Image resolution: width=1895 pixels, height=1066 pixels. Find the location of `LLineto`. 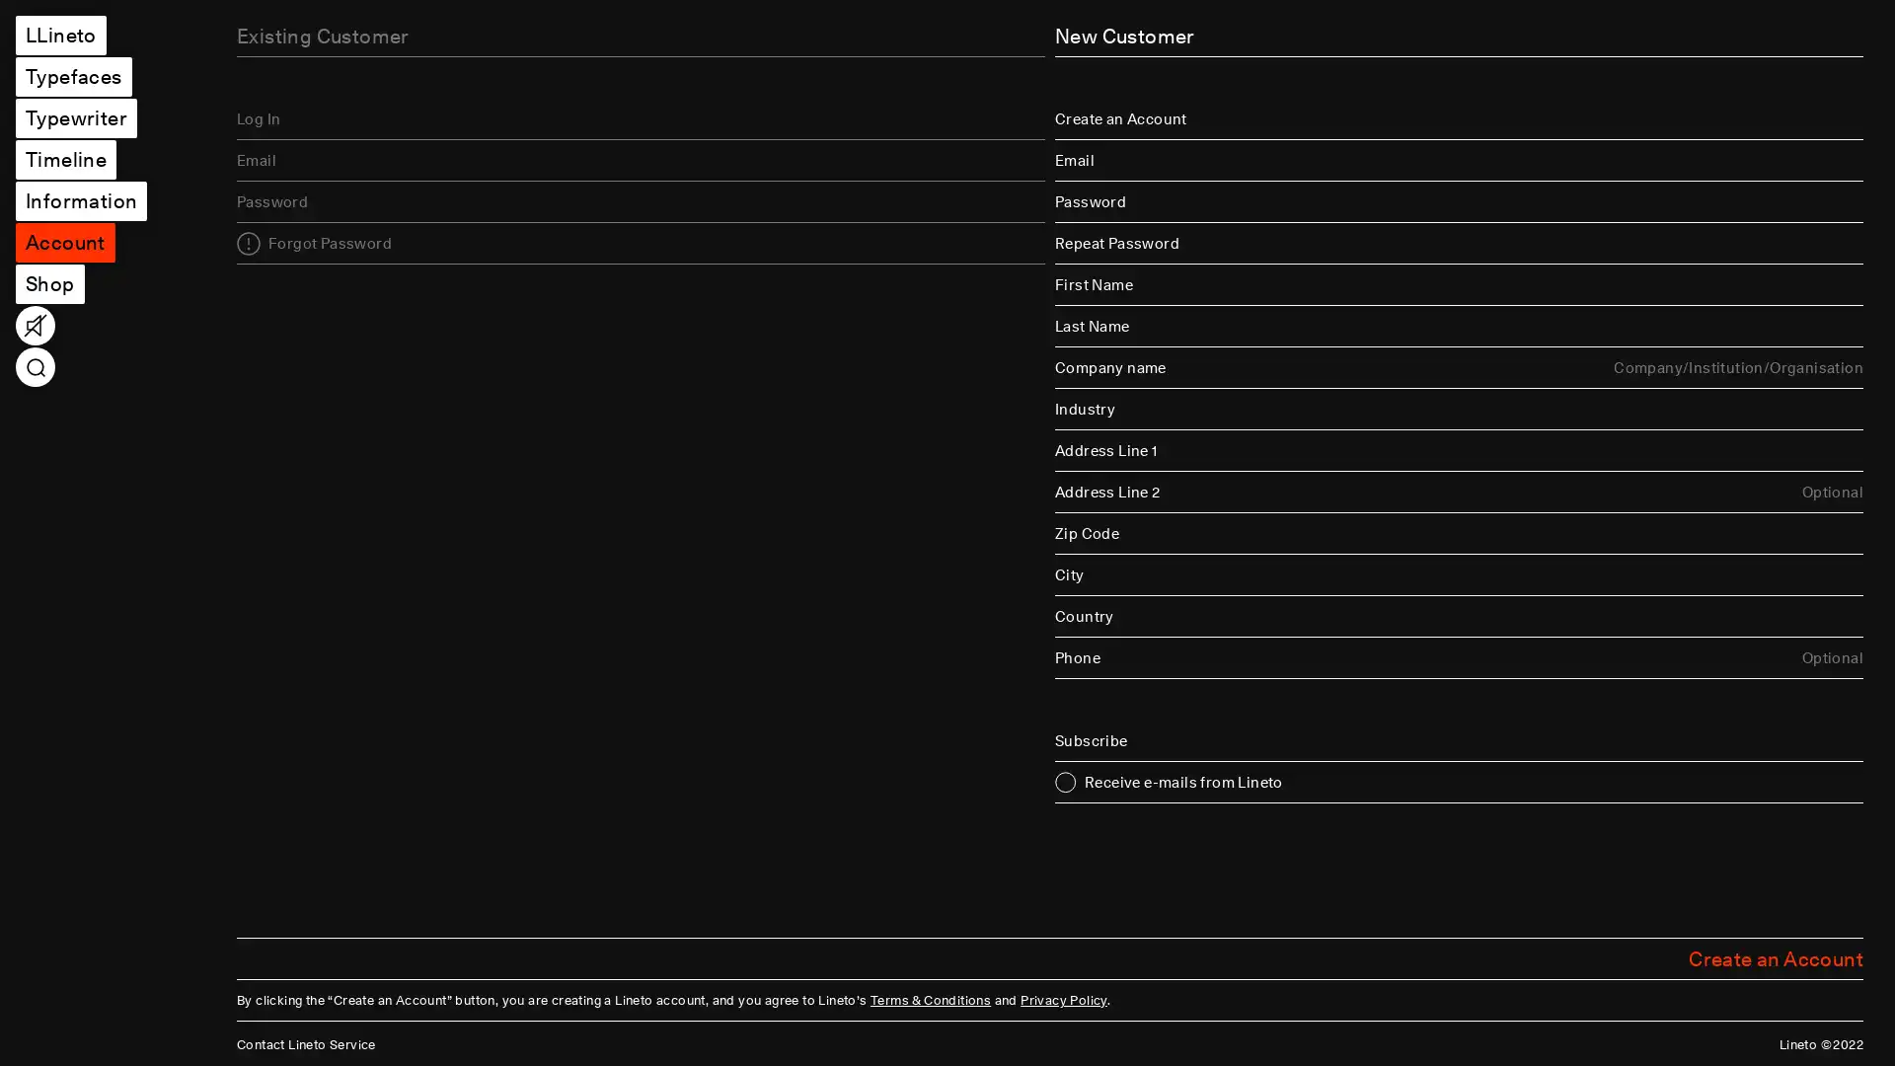

LLineto is located at coordinates (60, 35).